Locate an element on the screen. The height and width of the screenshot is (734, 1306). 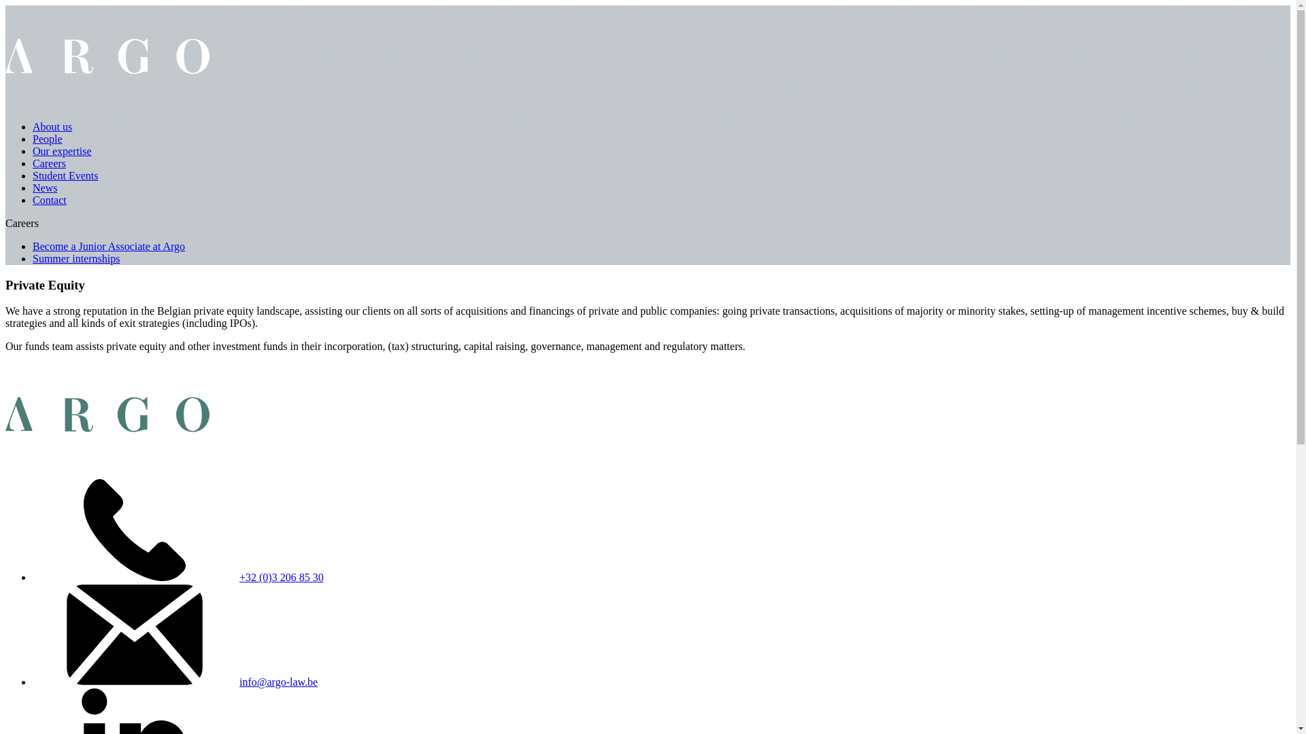
'Summer internships' is located at coordinates (33, 258).